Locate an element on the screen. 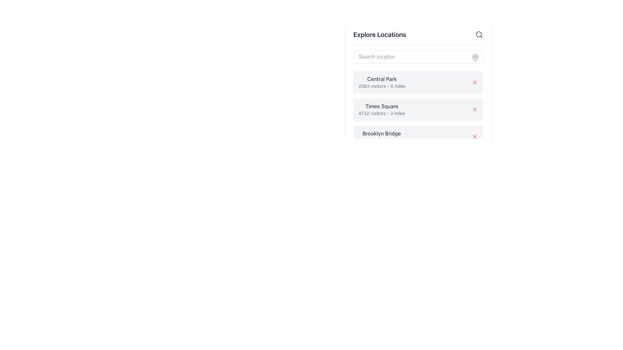 This screenshot has width=623, height=350. text displayed in the Text Display Block about Brooklyn Bridge, which is the third card in a vertical list of location exploration information is located at coordinates (382, 136).